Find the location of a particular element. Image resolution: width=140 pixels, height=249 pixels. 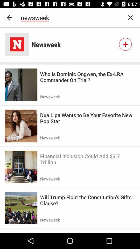

add newsweek is located at coordinates (125, 44).